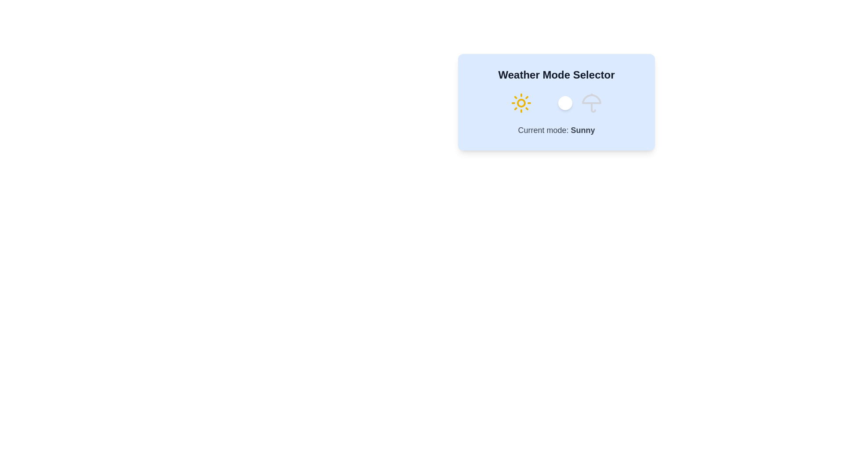  I want to click on the white knob of the yellow toggle switch indicating an active state, so click(556, 103).